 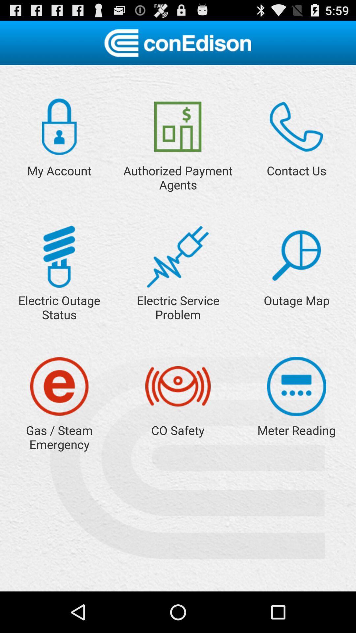 I want to click on option, so click(x=296, y=255).